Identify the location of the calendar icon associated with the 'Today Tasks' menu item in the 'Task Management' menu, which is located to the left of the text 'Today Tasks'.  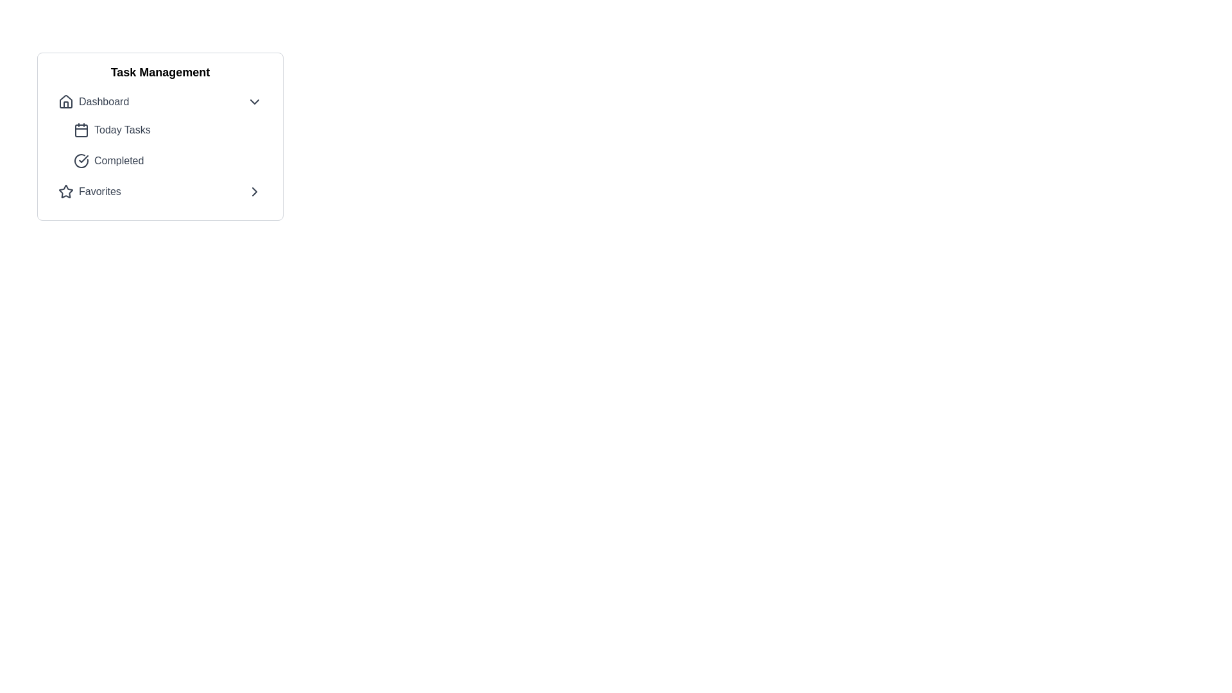
(80, 130).